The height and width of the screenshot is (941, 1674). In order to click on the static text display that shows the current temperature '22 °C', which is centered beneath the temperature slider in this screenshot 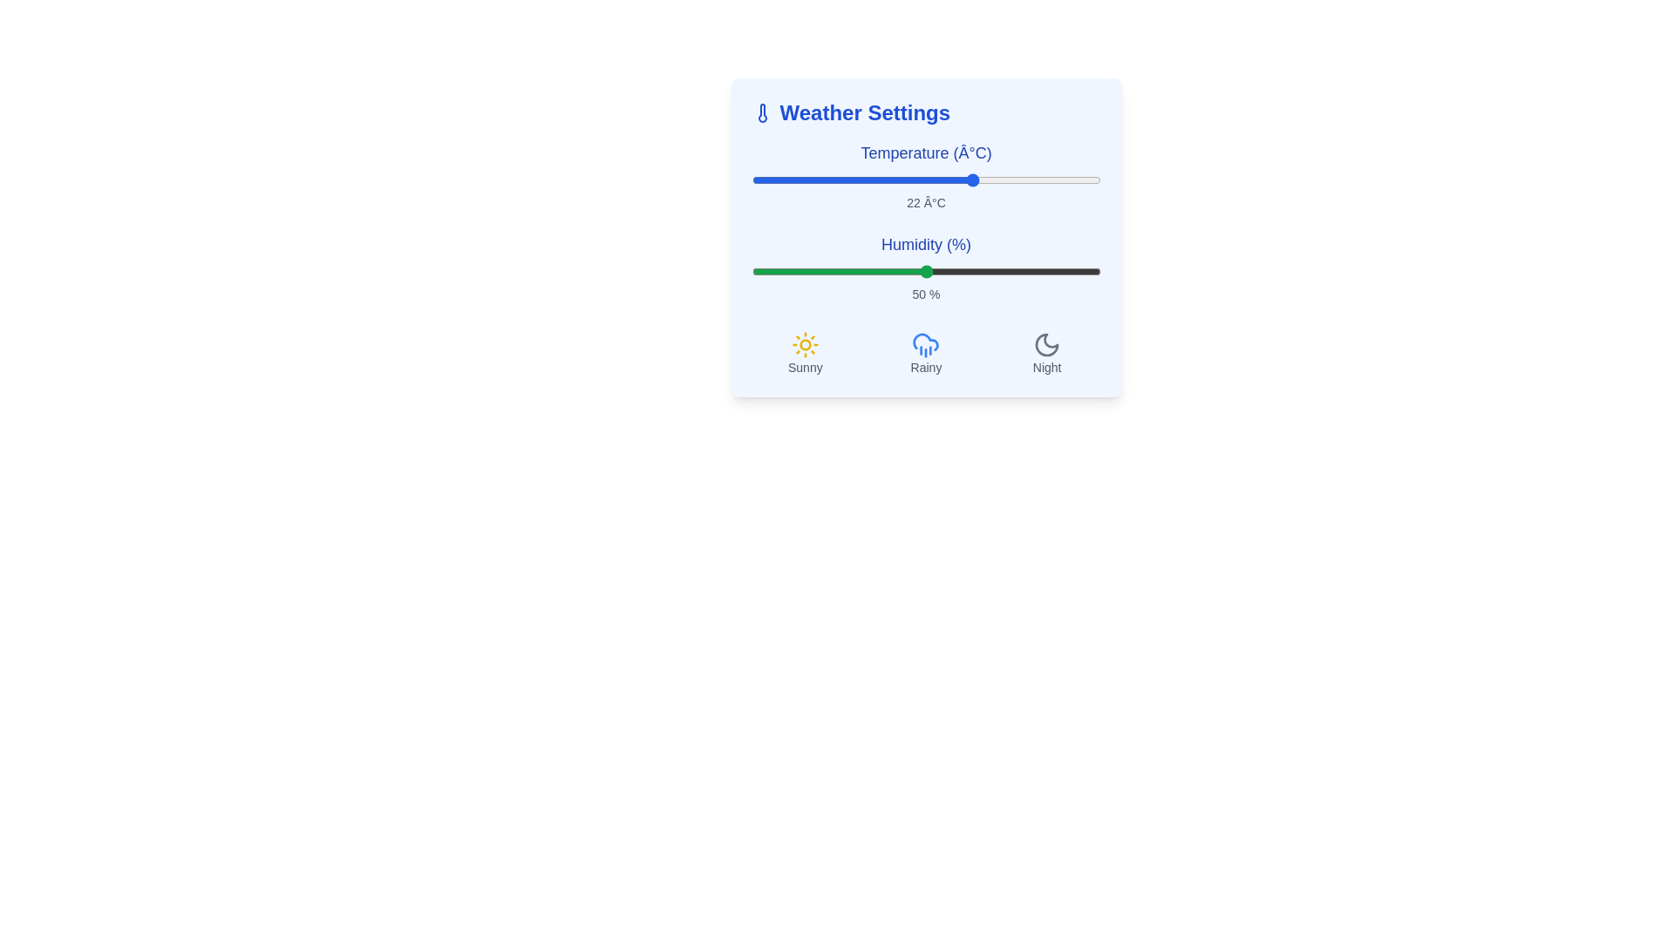, I will do `click(925, 201)`.